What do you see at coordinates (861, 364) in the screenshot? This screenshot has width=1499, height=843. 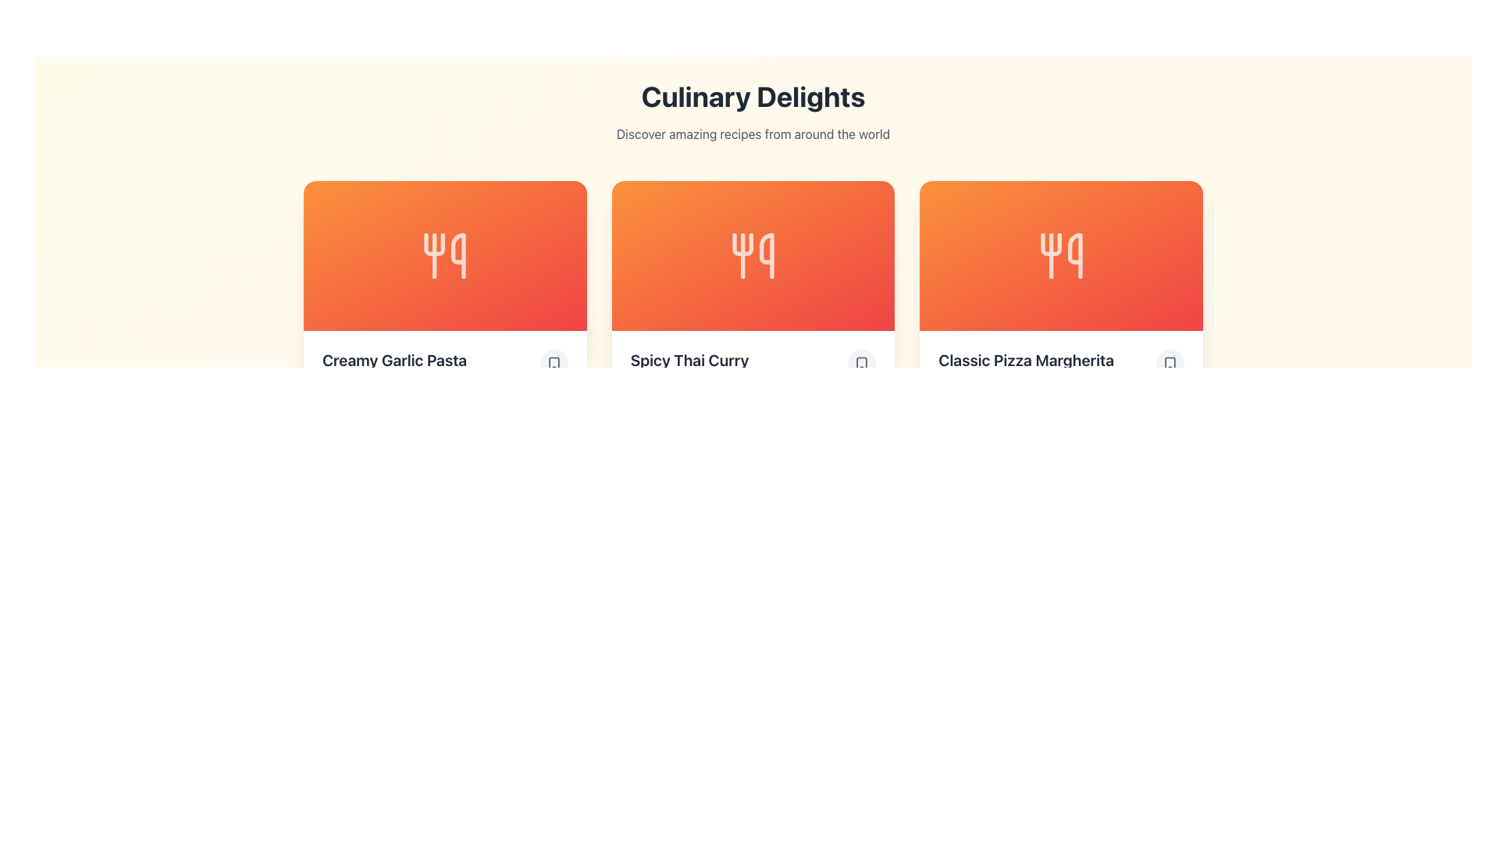 I see `the bookmark icon button located in the bottom-right corner of the 'Spicy Thai Curry' card` at bounding box center [861, 364].